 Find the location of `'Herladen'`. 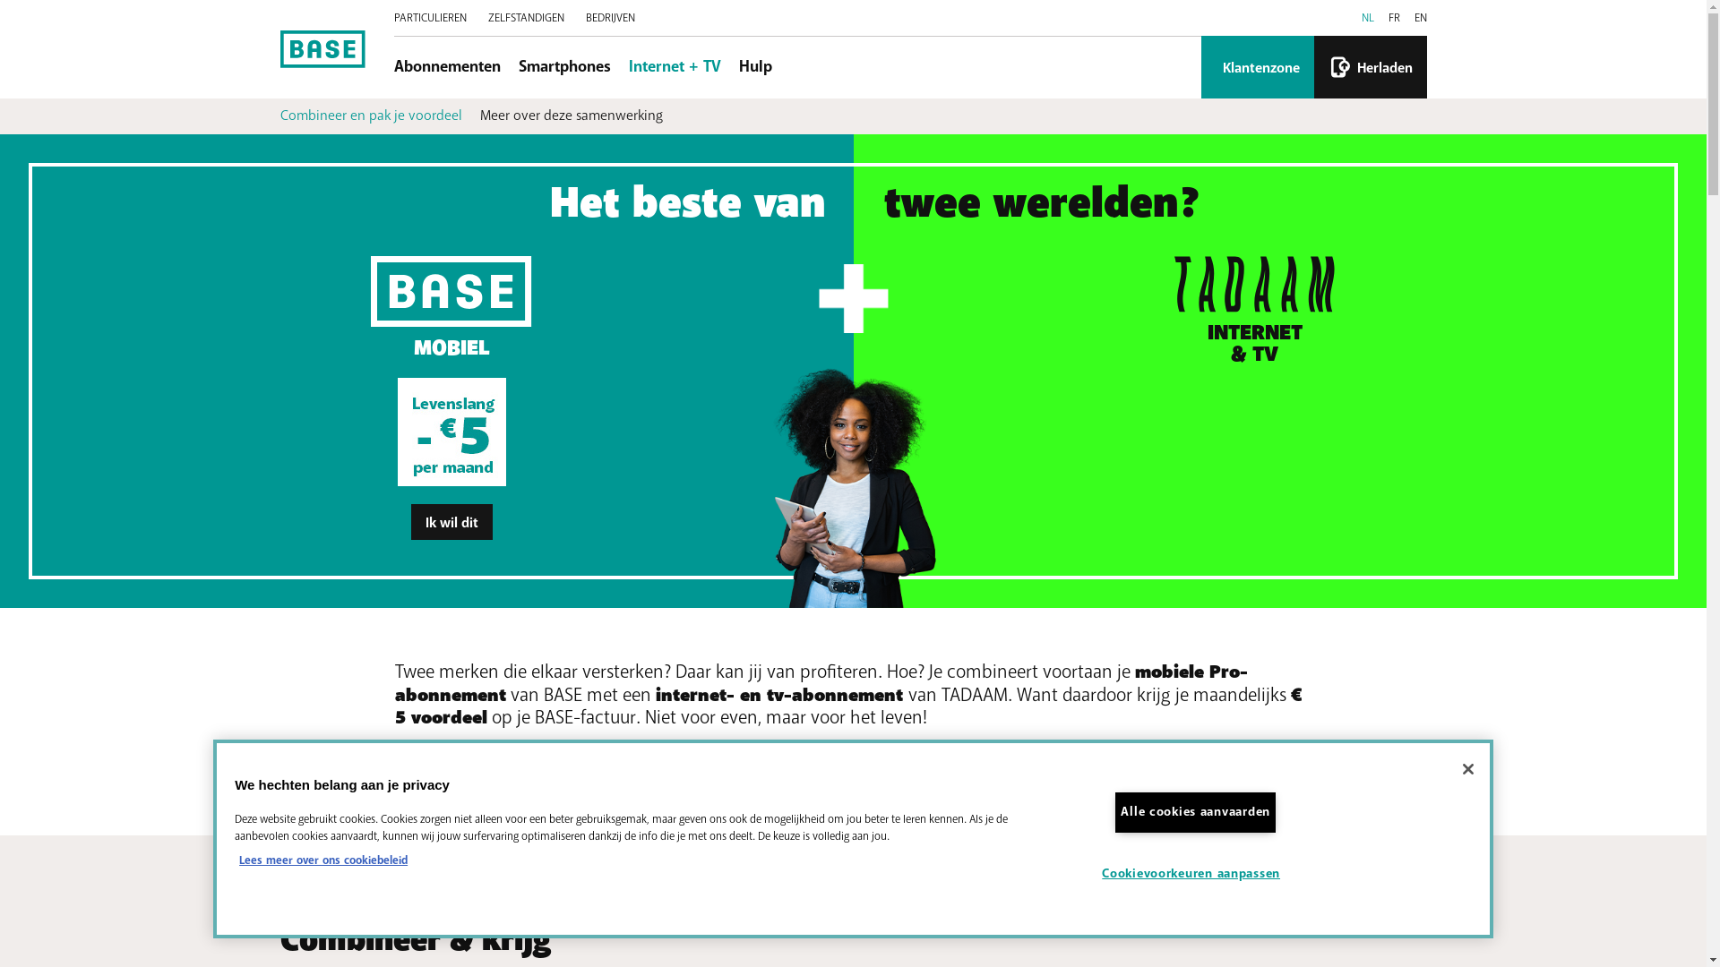

'Herladen' is located at coordinates (1369, 65).